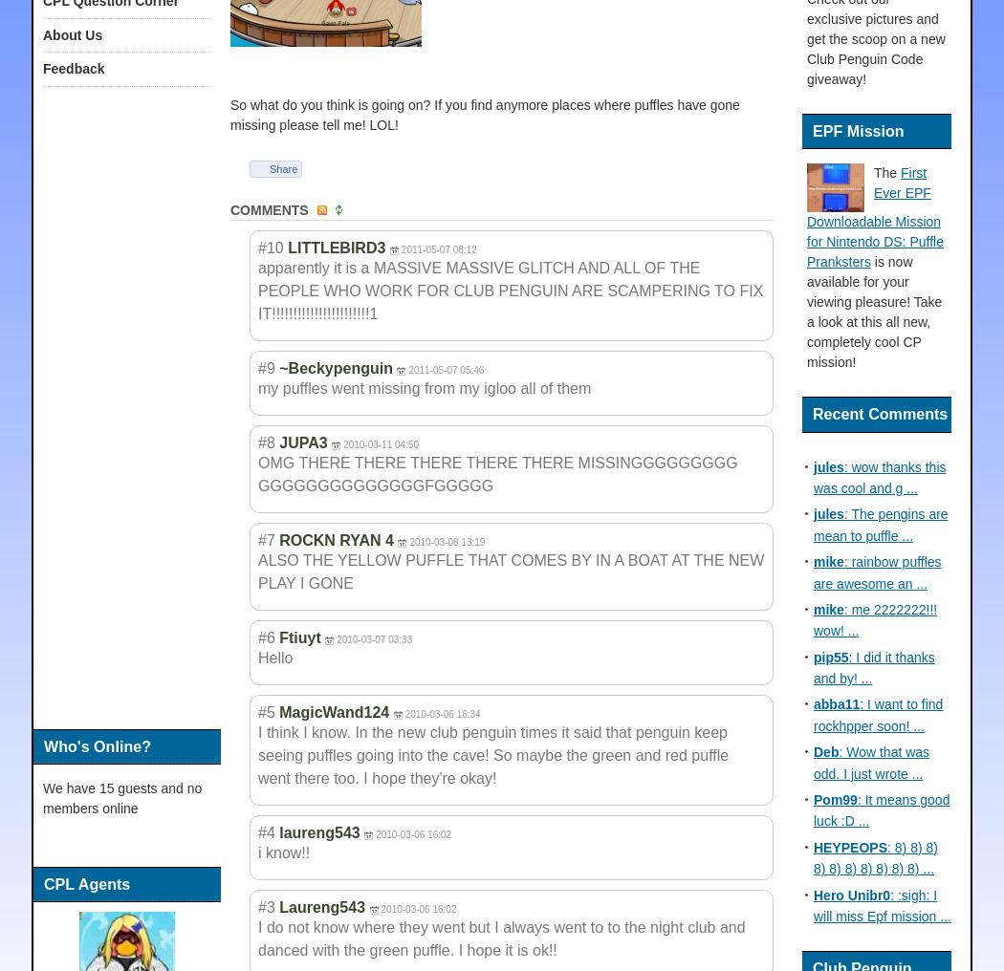 This screenshot has height=971, width=1004. I want to click on 'is now available for your viewing pleasure! Take a look at this all new, completely cool CP mission!', so click(874, 312).